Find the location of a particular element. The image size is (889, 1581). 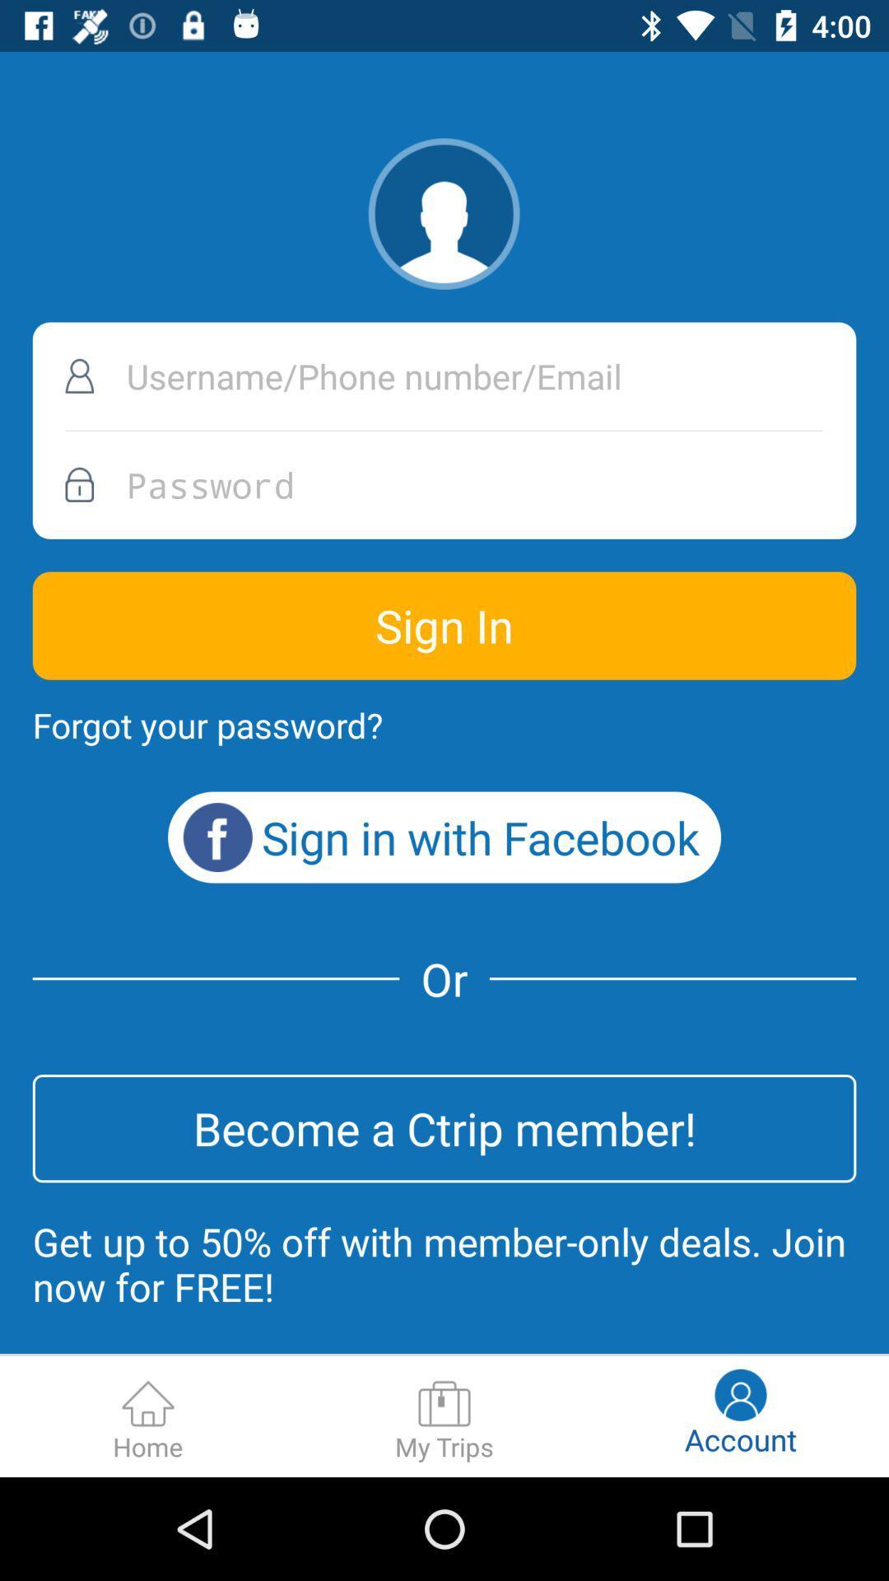

icon above the sign in icon is located at coordinates (444, 484).